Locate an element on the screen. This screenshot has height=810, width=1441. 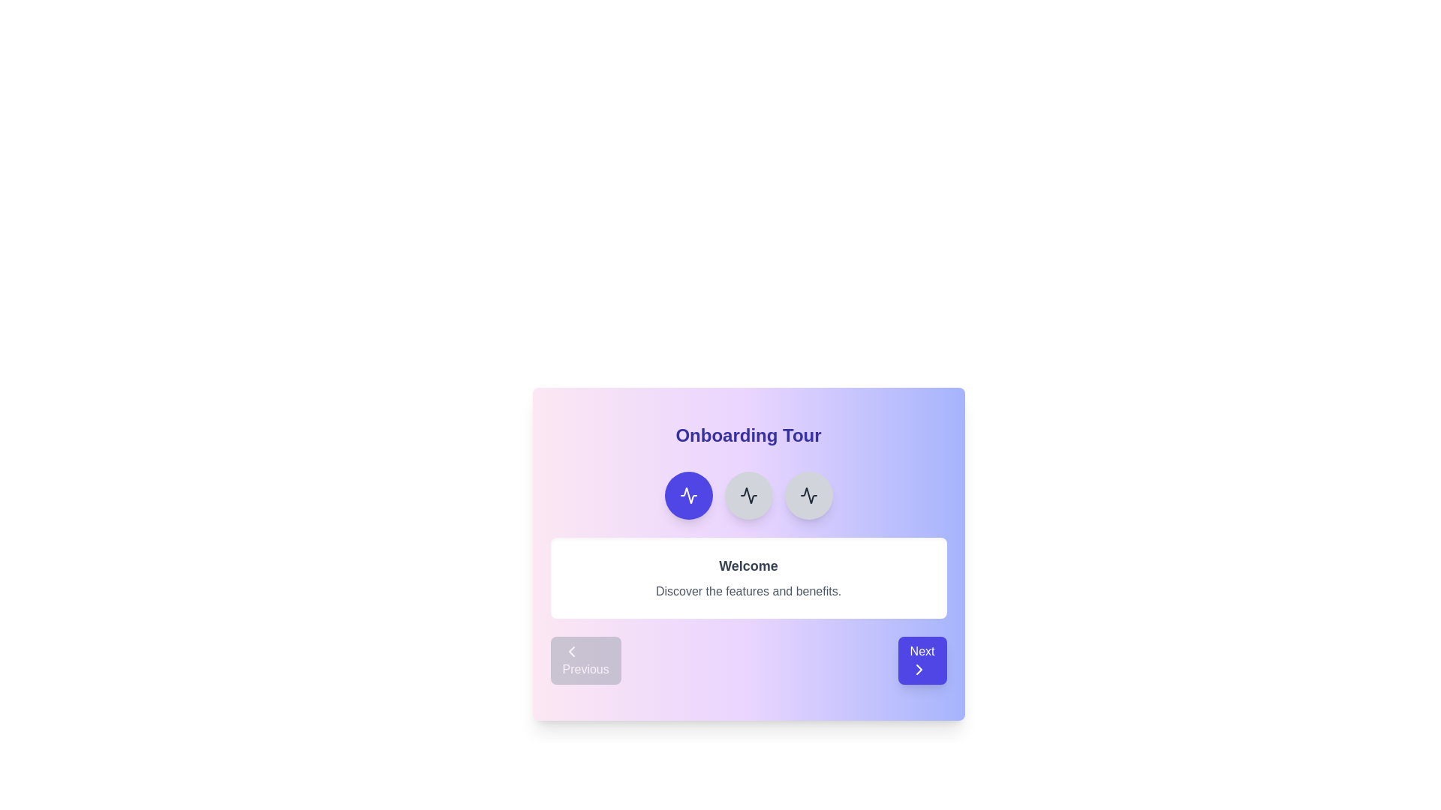
the interactive icon represented by a line graph-like icon within a circular button, located as the third button in a row of three at the top of the central onboarding card is located at coordinates (748, 495).